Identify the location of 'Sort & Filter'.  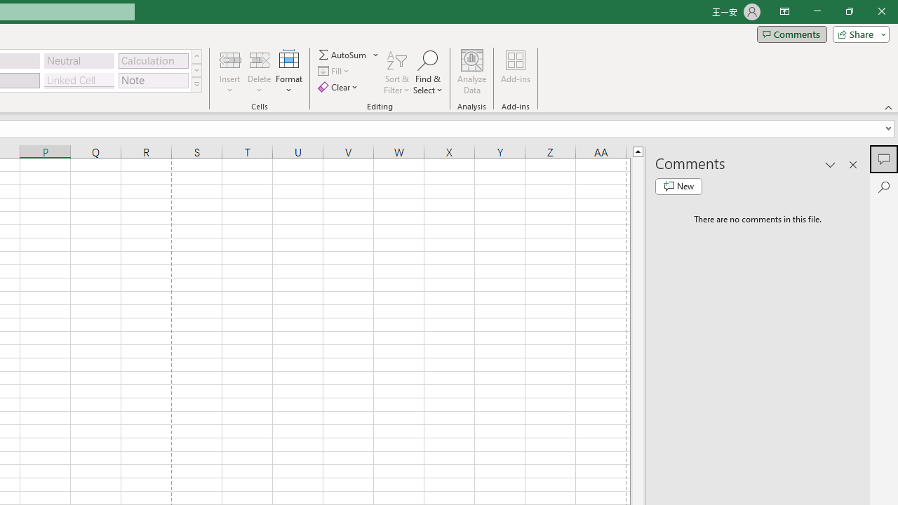
(396, 72).